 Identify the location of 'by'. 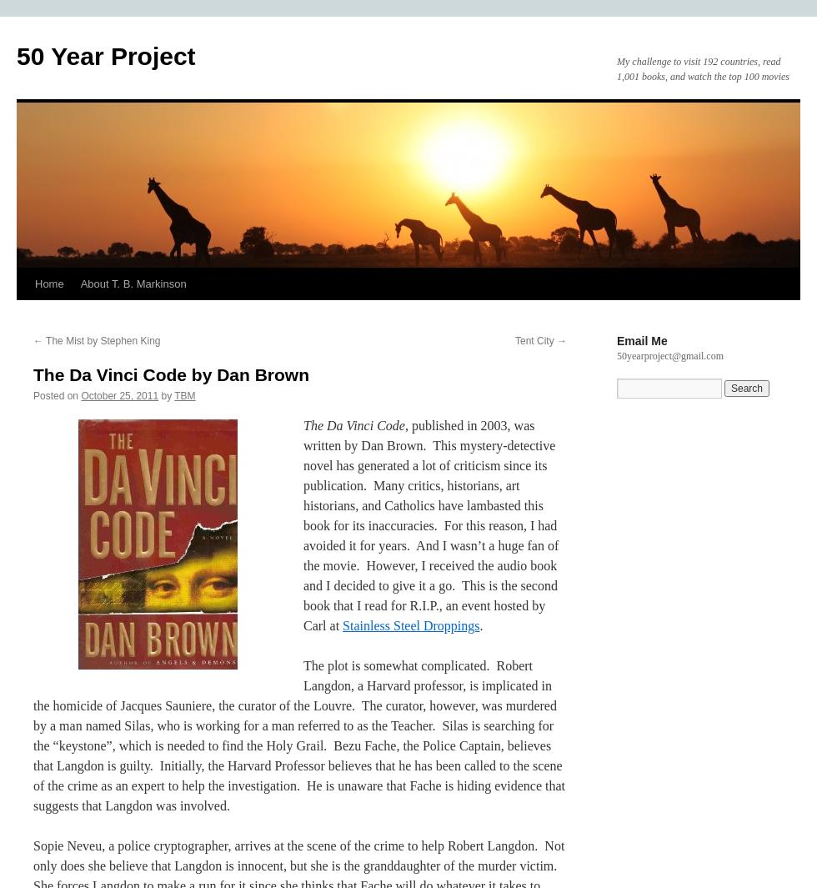
(160, 394).